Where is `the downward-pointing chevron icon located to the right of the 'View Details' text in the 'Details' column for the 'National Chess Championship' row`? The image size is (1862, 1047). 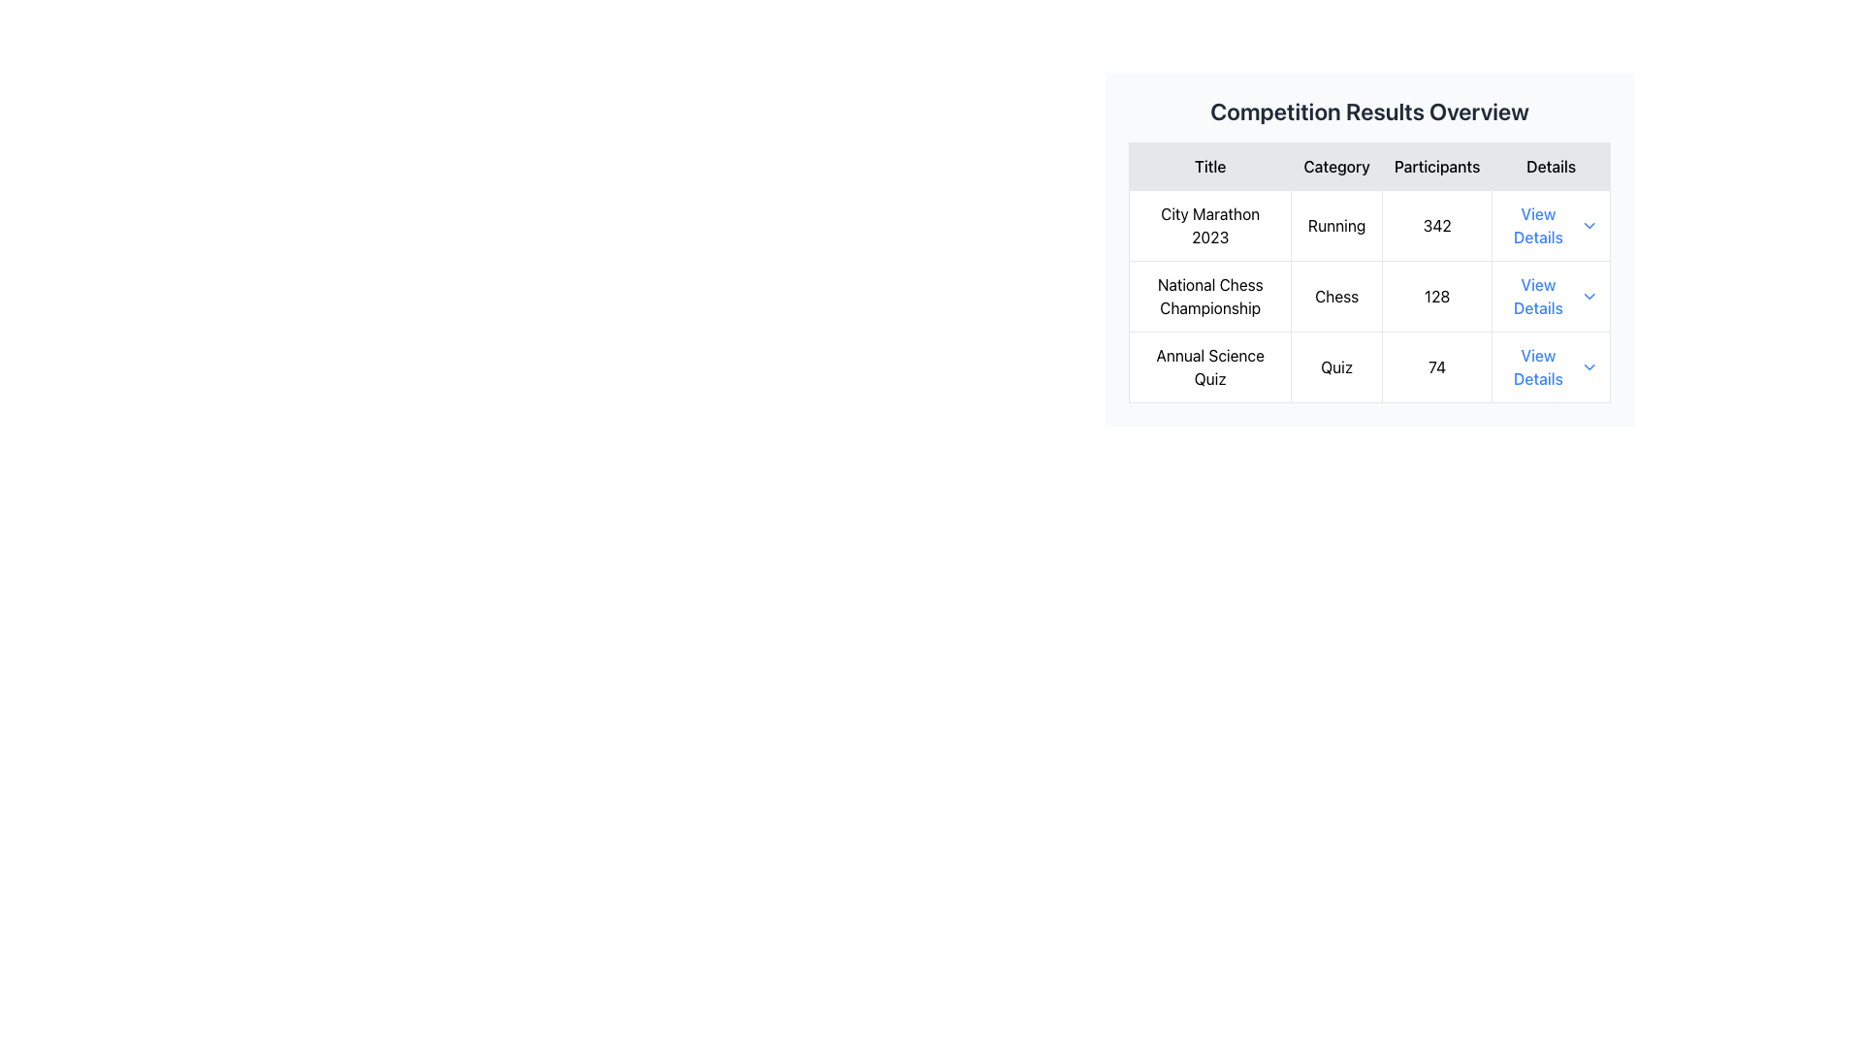 the downward-pointing chevron icon located to the right of the 'View Details' text in the 'Details' column for the 'National Chess Championship' row is located at coordinates (1589, 296).